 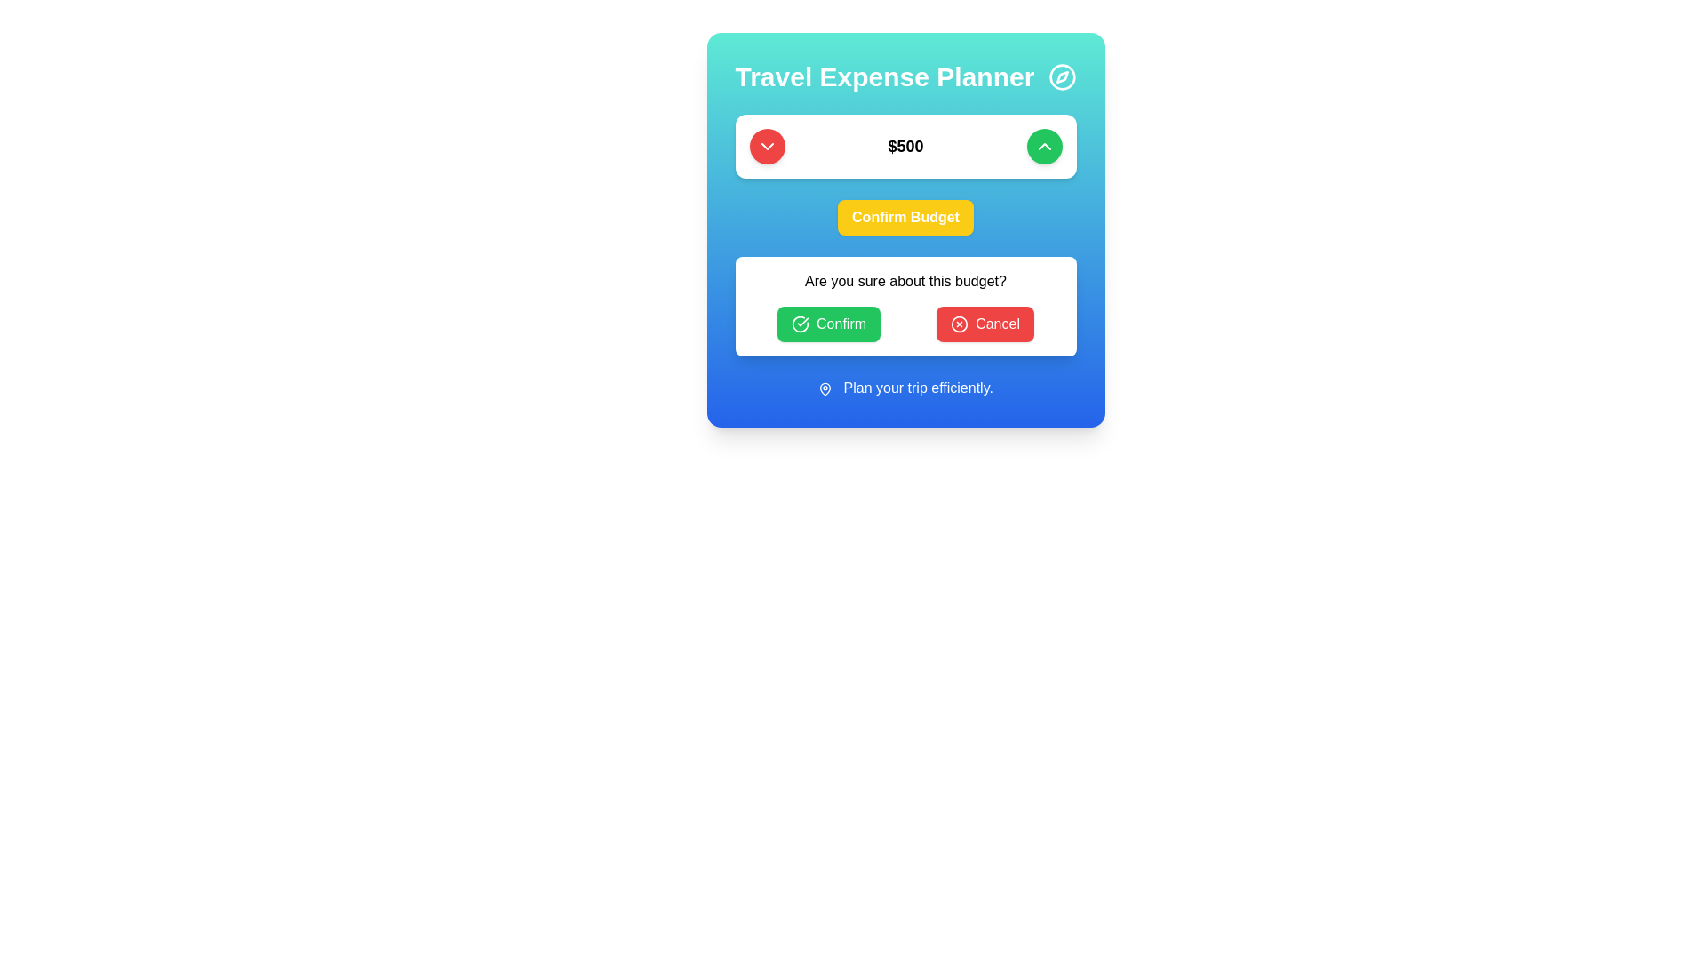 What do you see at coordinates (1062, 76) in the screenshot?
I see `the outer circle of the compass-style icon located in the top-right corner of the 'Travel Expense Planner' card` at bounding box center [1062, 76].